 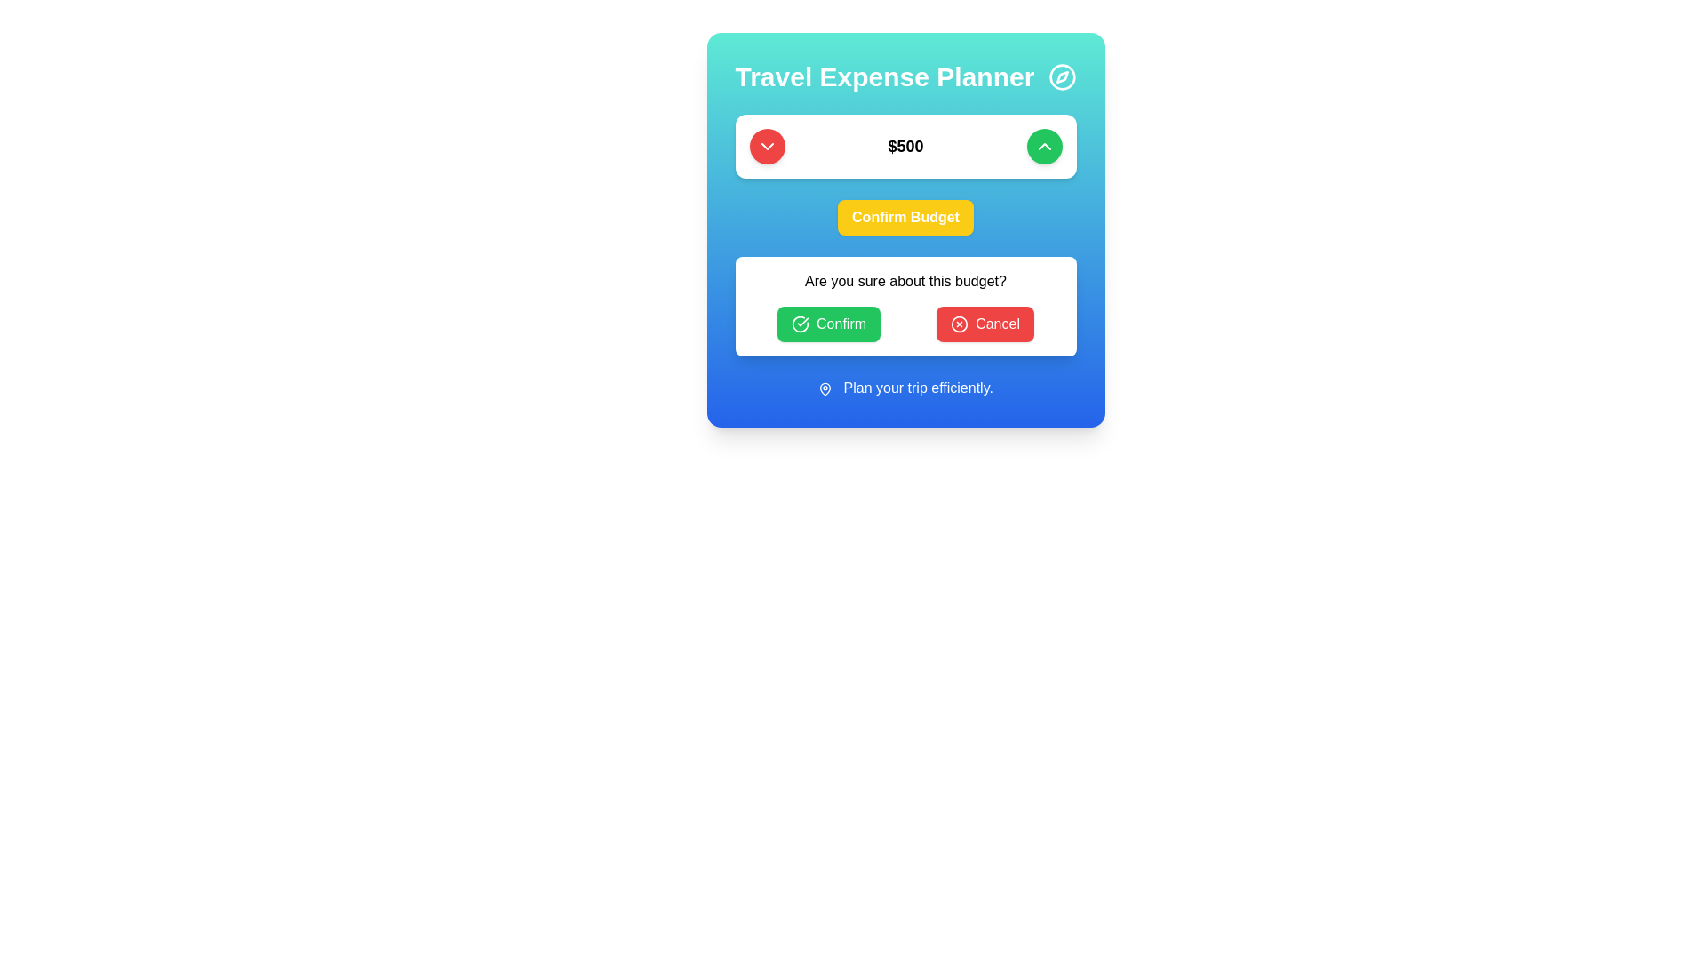 What do you see at coordinates (1062, 76) in the screenshot?
I see `the outer circle of the compass-style icon located in the top-right corner of the 'Travel Expense Planner' card` at bounding box center [1062, 76].